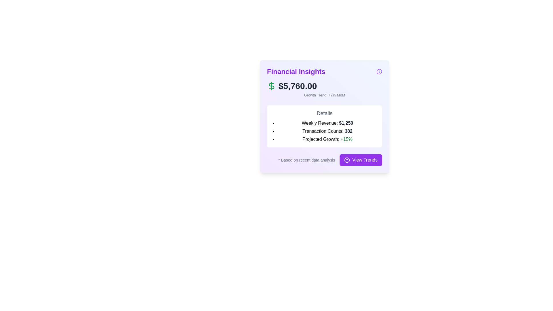 This screenshot has height=311, width=553. What do you see at coordinates (379, 71) in the screenshot?
I see `the circular SVG icon with a purple border and white fill, located at the upper-right corner of the 'Financial Insights' card interface` at bounding box center [379, 71].